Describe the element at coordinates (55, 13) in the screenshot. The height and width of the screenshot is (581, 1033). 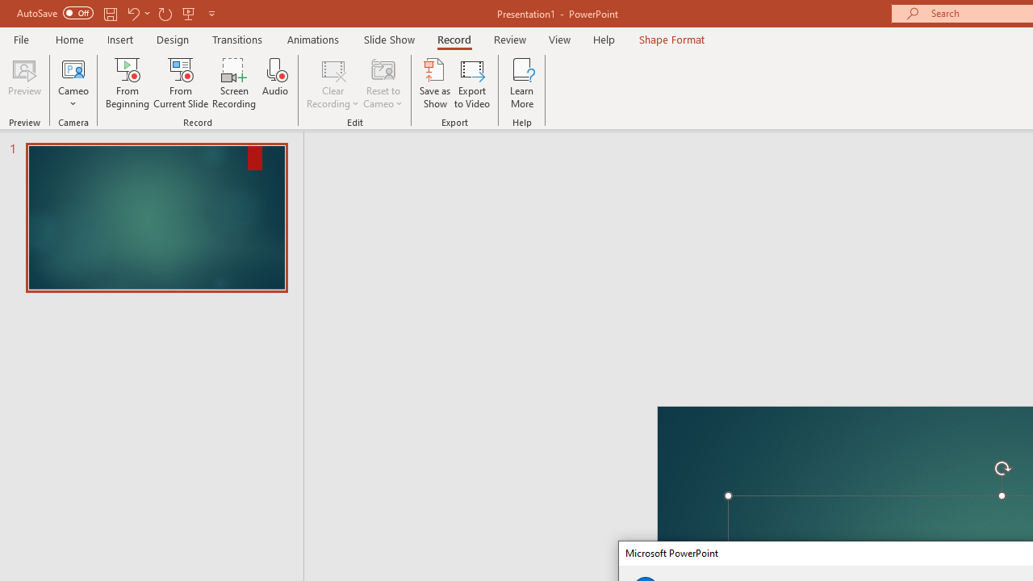
I see `'AutoSave'` at that location.